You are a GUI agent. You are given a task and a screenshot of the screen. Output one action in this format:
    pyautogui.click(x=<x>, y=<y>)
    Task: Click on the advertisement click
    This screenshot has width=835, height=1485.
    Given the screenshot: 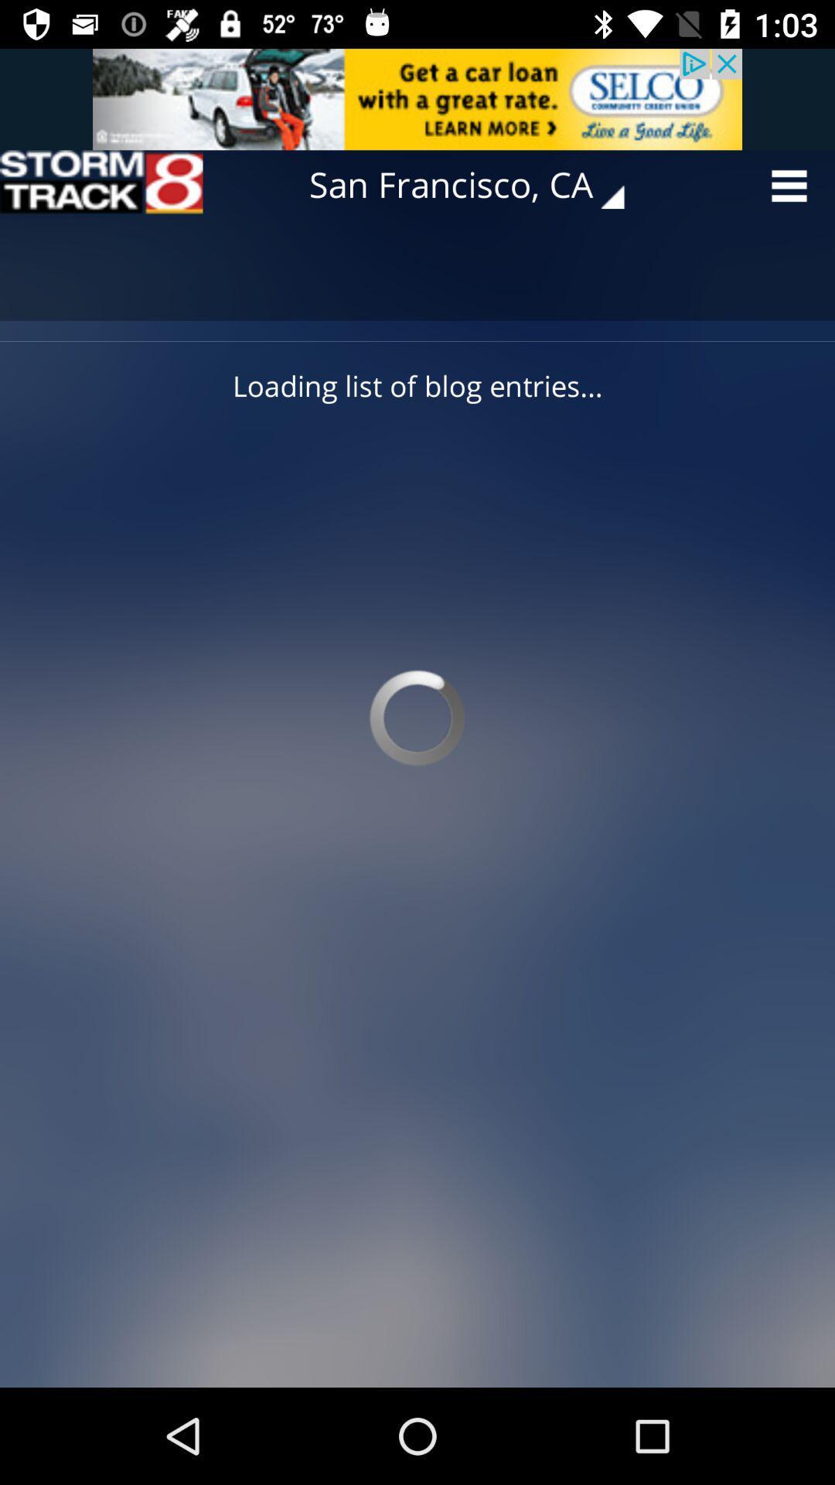 What is the action you would take?
    pyautogui.click(x=417, y=98)
    